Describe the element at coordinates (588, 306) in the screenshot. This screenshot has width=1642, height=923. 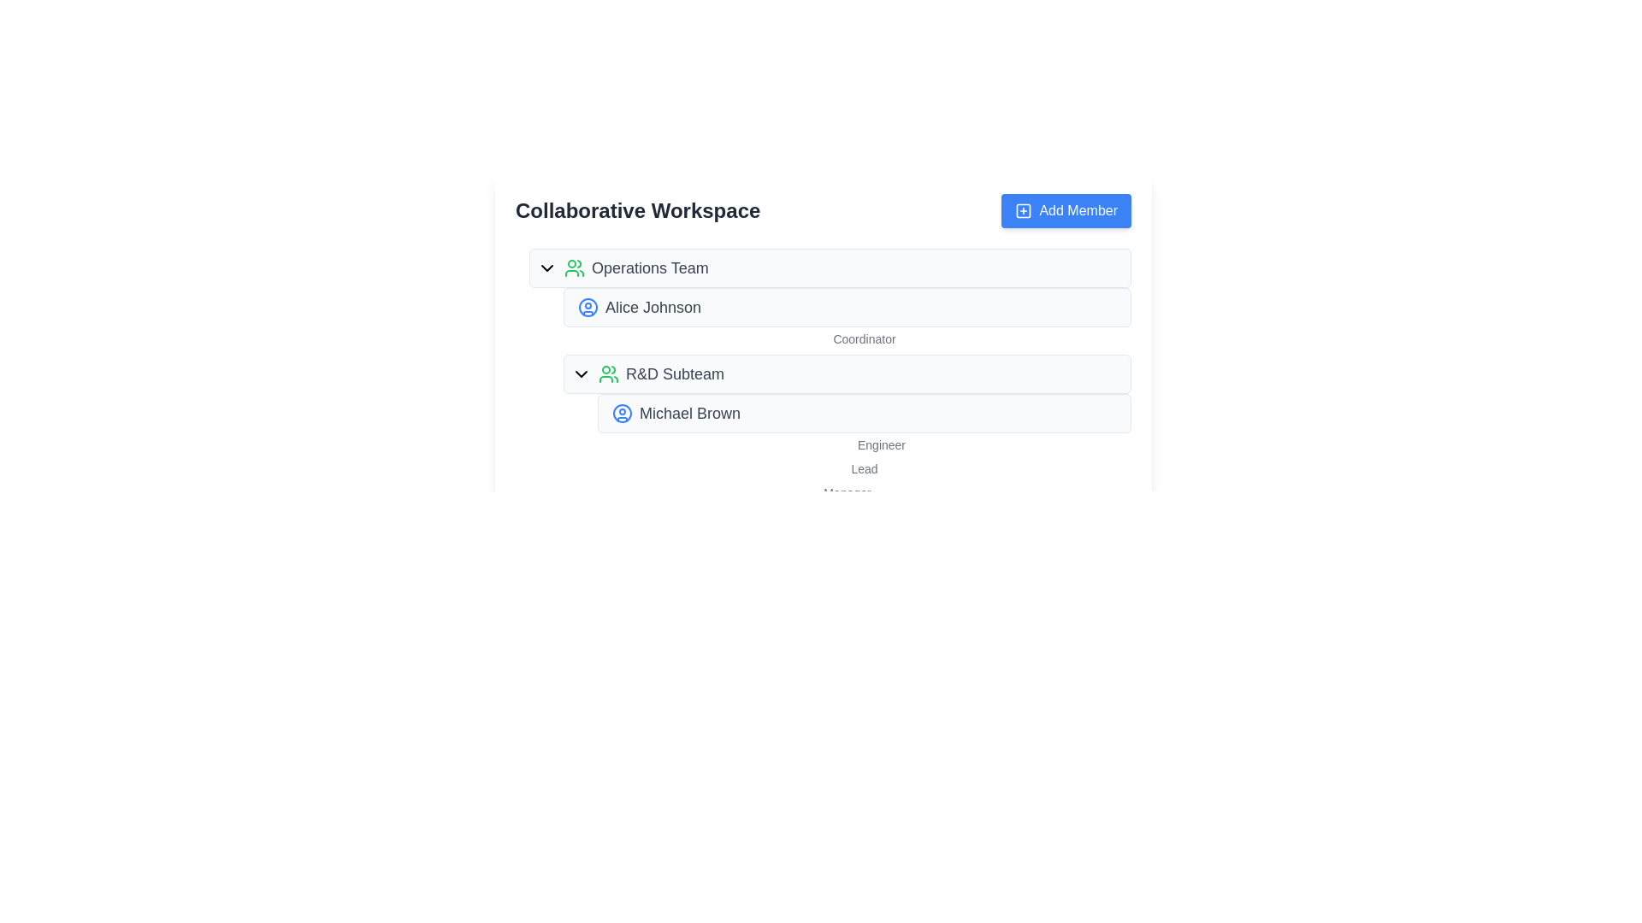
I see `the user profile icon located to the left of the text 'Alice Johnson' to identify the user it represents` at that location.